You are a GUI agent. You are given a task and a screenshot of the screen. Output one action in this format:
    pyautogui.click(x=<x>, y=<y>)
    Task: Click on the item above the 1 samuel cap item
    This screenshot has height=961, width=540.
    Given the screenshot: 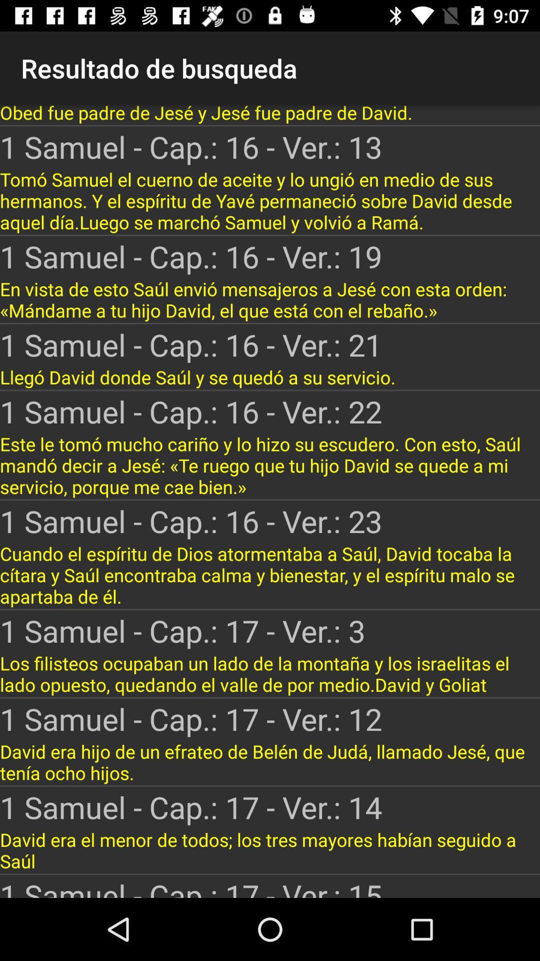 What is the action you would take?
    pyautogui.click(x=270, y=200)
    